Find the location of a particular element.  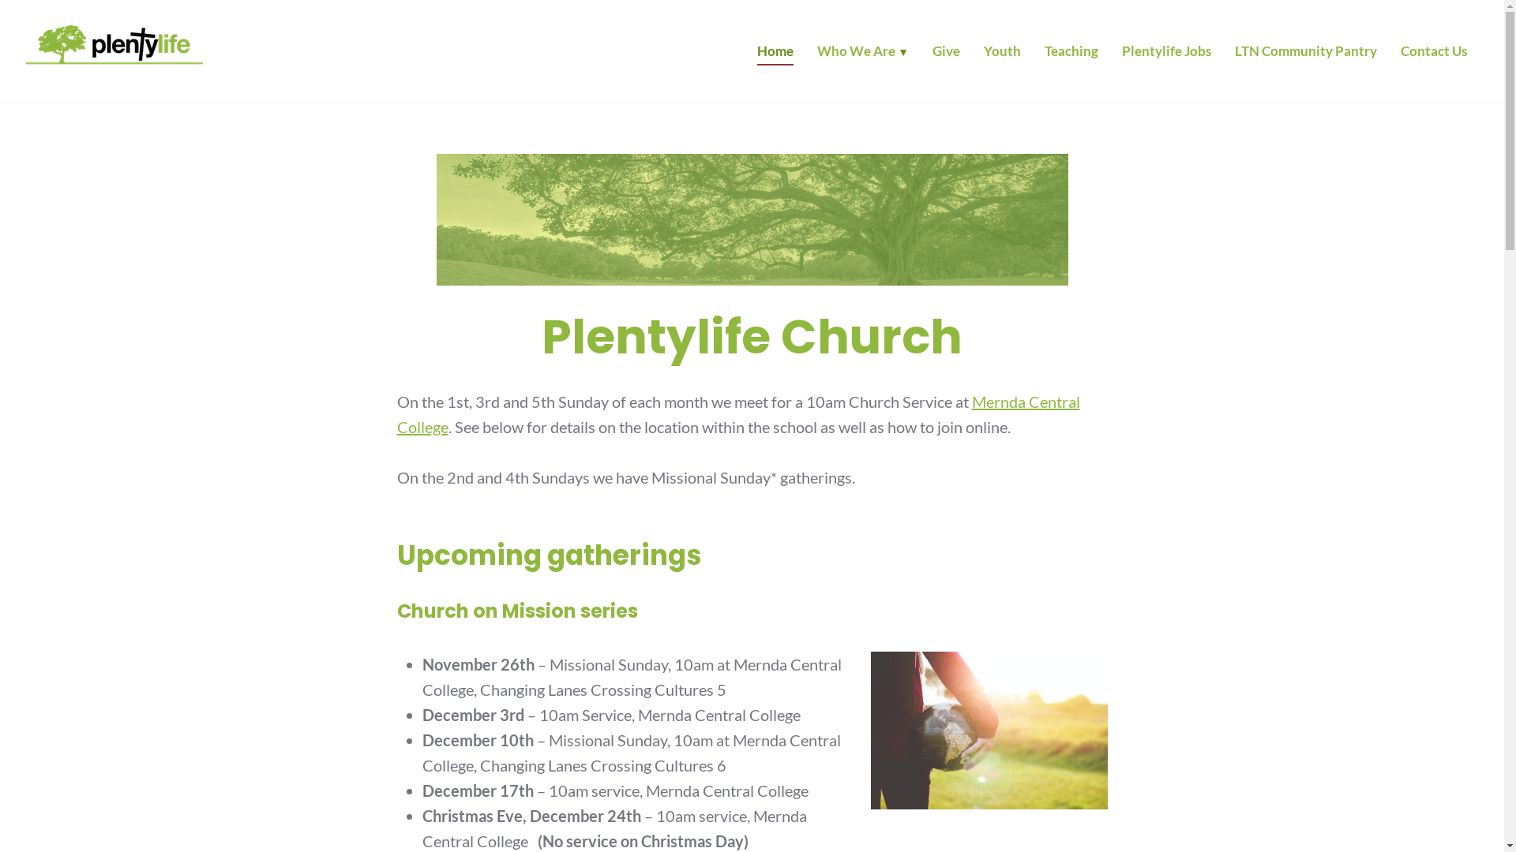

'Youth' is located at coordinates (1001, 53).